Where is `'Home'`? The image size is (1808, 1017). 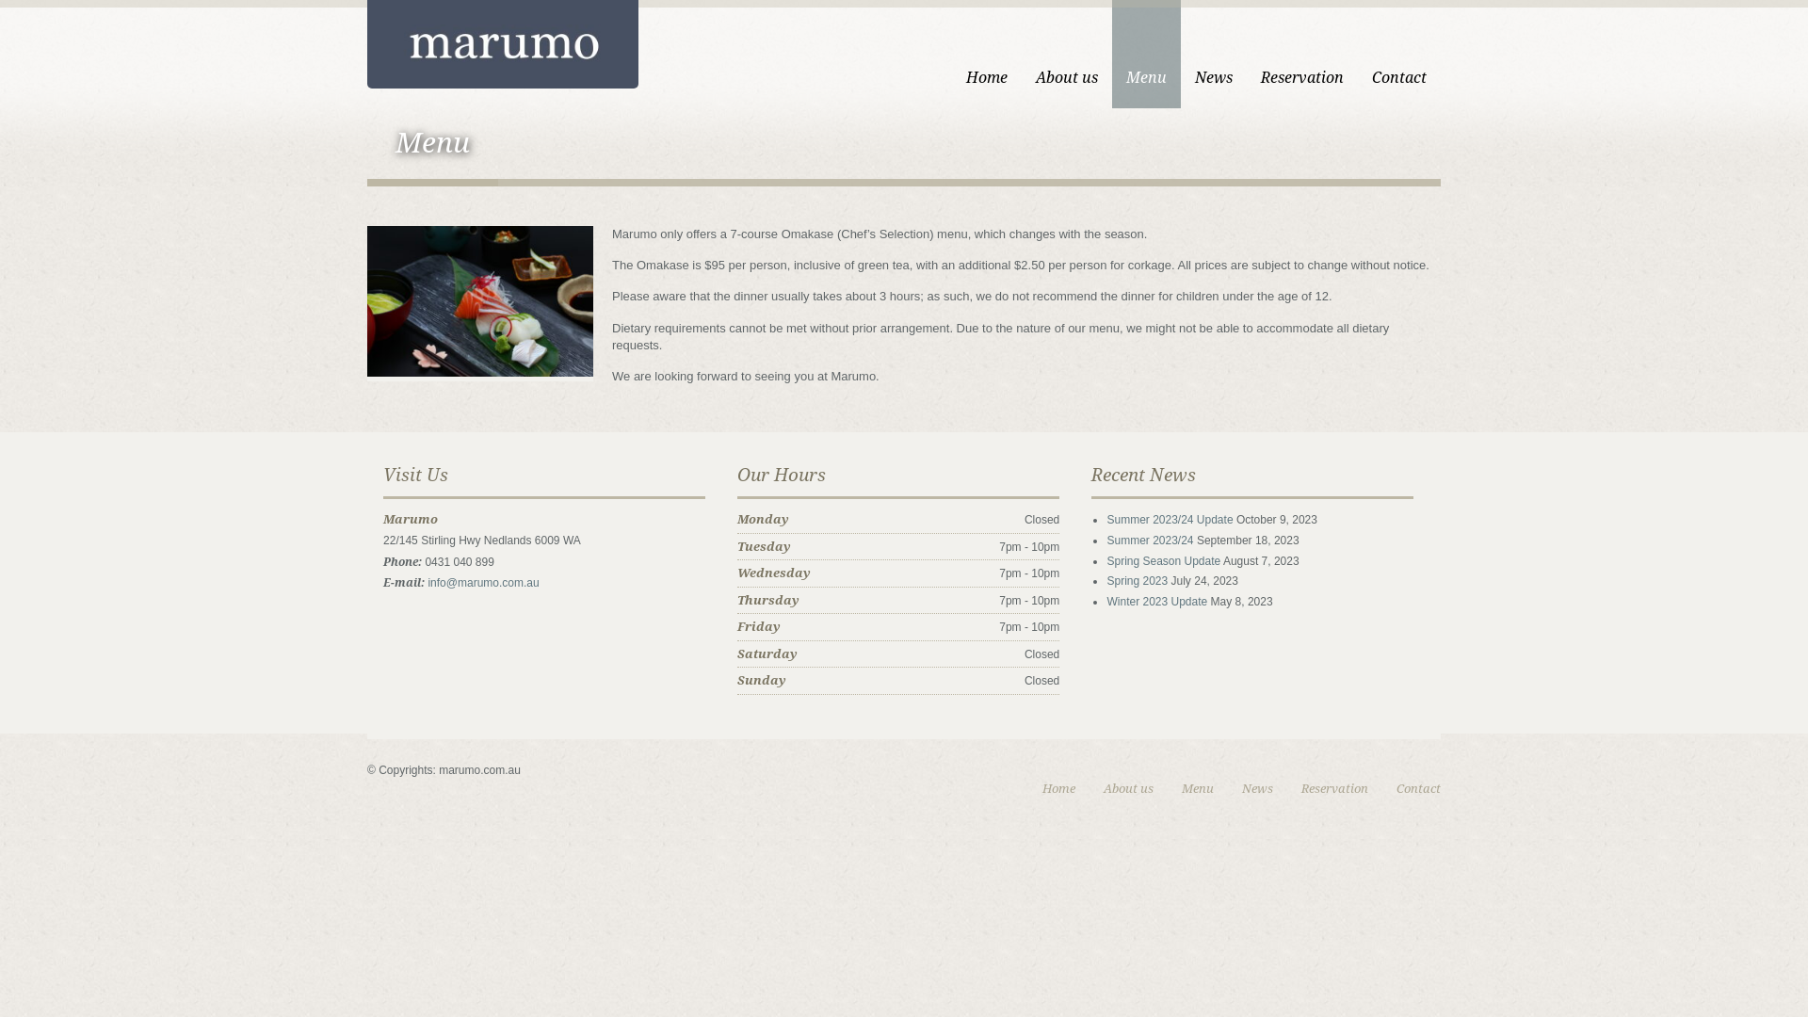
'Home' is located at coordinates (985, 53).